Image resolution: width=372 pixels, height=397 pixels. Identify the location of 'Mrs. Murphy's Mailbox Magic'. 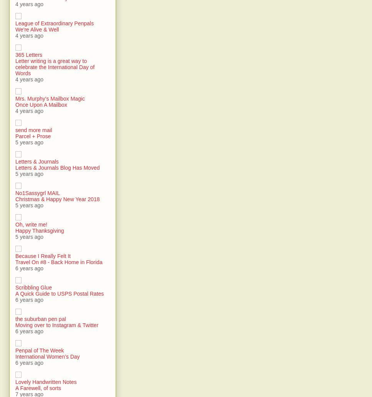
(50, 98).